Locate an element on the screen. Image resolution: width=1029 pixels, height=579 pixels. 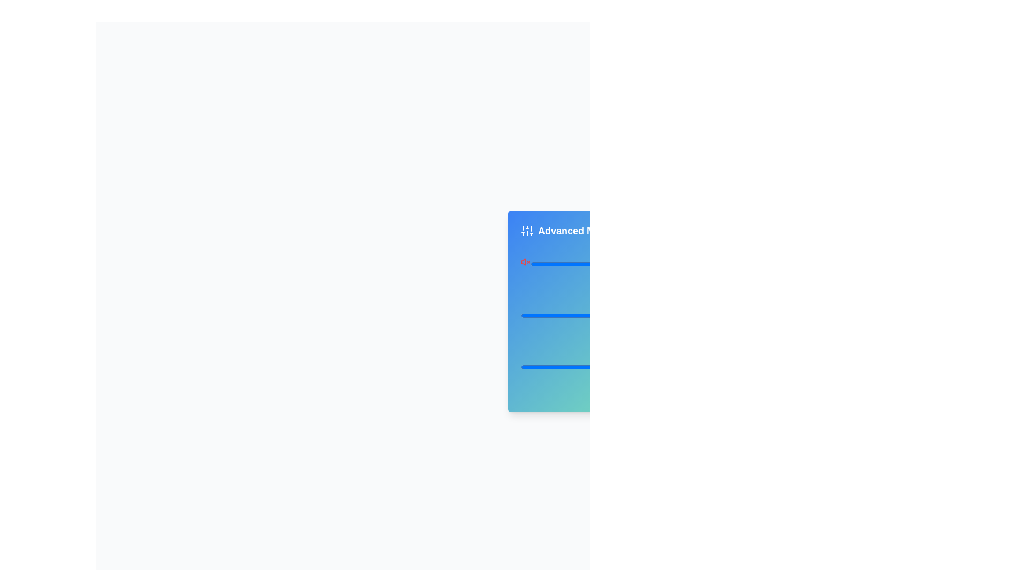
the slider is located at coordinates (614, 264).